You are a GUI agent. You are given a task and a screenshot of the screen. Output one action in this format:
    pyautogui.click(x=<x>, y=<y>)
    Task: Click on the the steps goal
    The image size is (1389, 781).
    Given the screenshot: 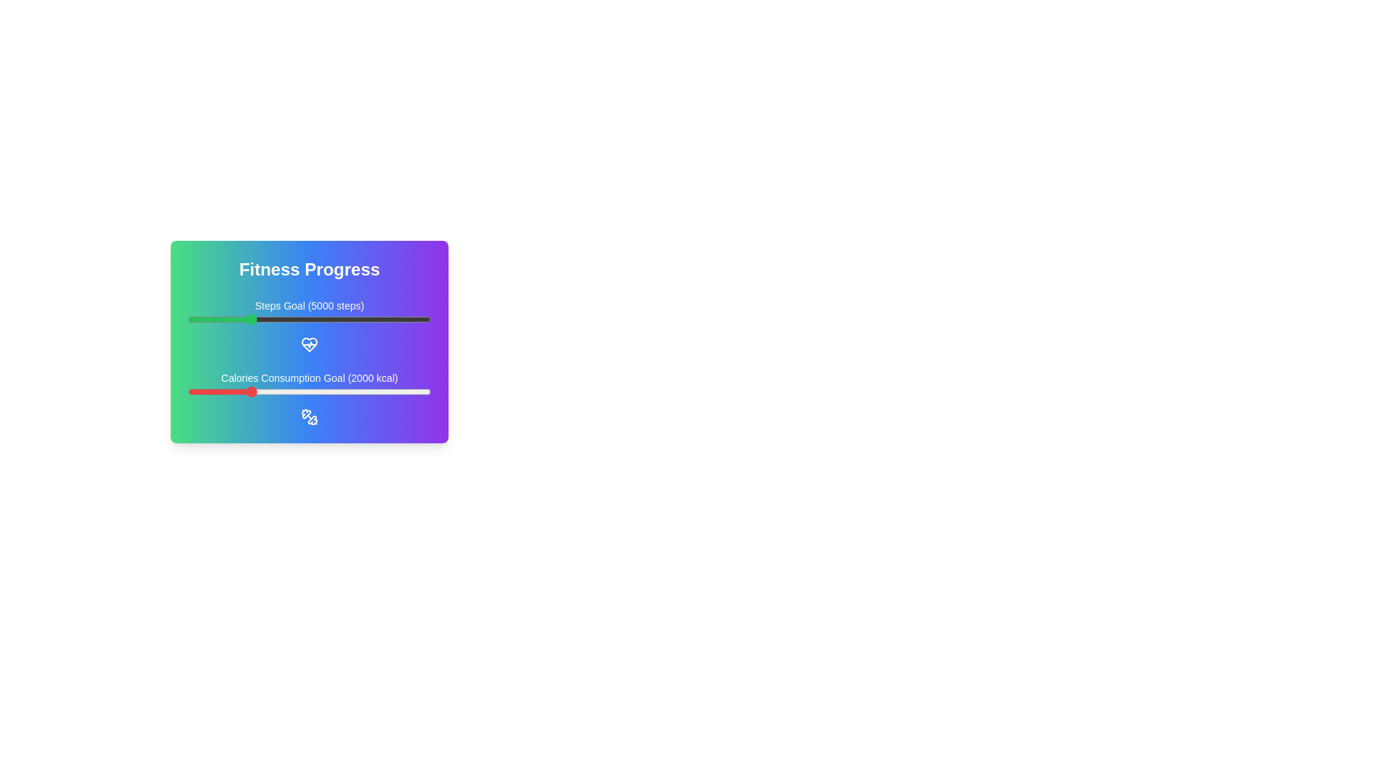 What is the action you would take?
    pyautogui.click(x=340, y=319)
    